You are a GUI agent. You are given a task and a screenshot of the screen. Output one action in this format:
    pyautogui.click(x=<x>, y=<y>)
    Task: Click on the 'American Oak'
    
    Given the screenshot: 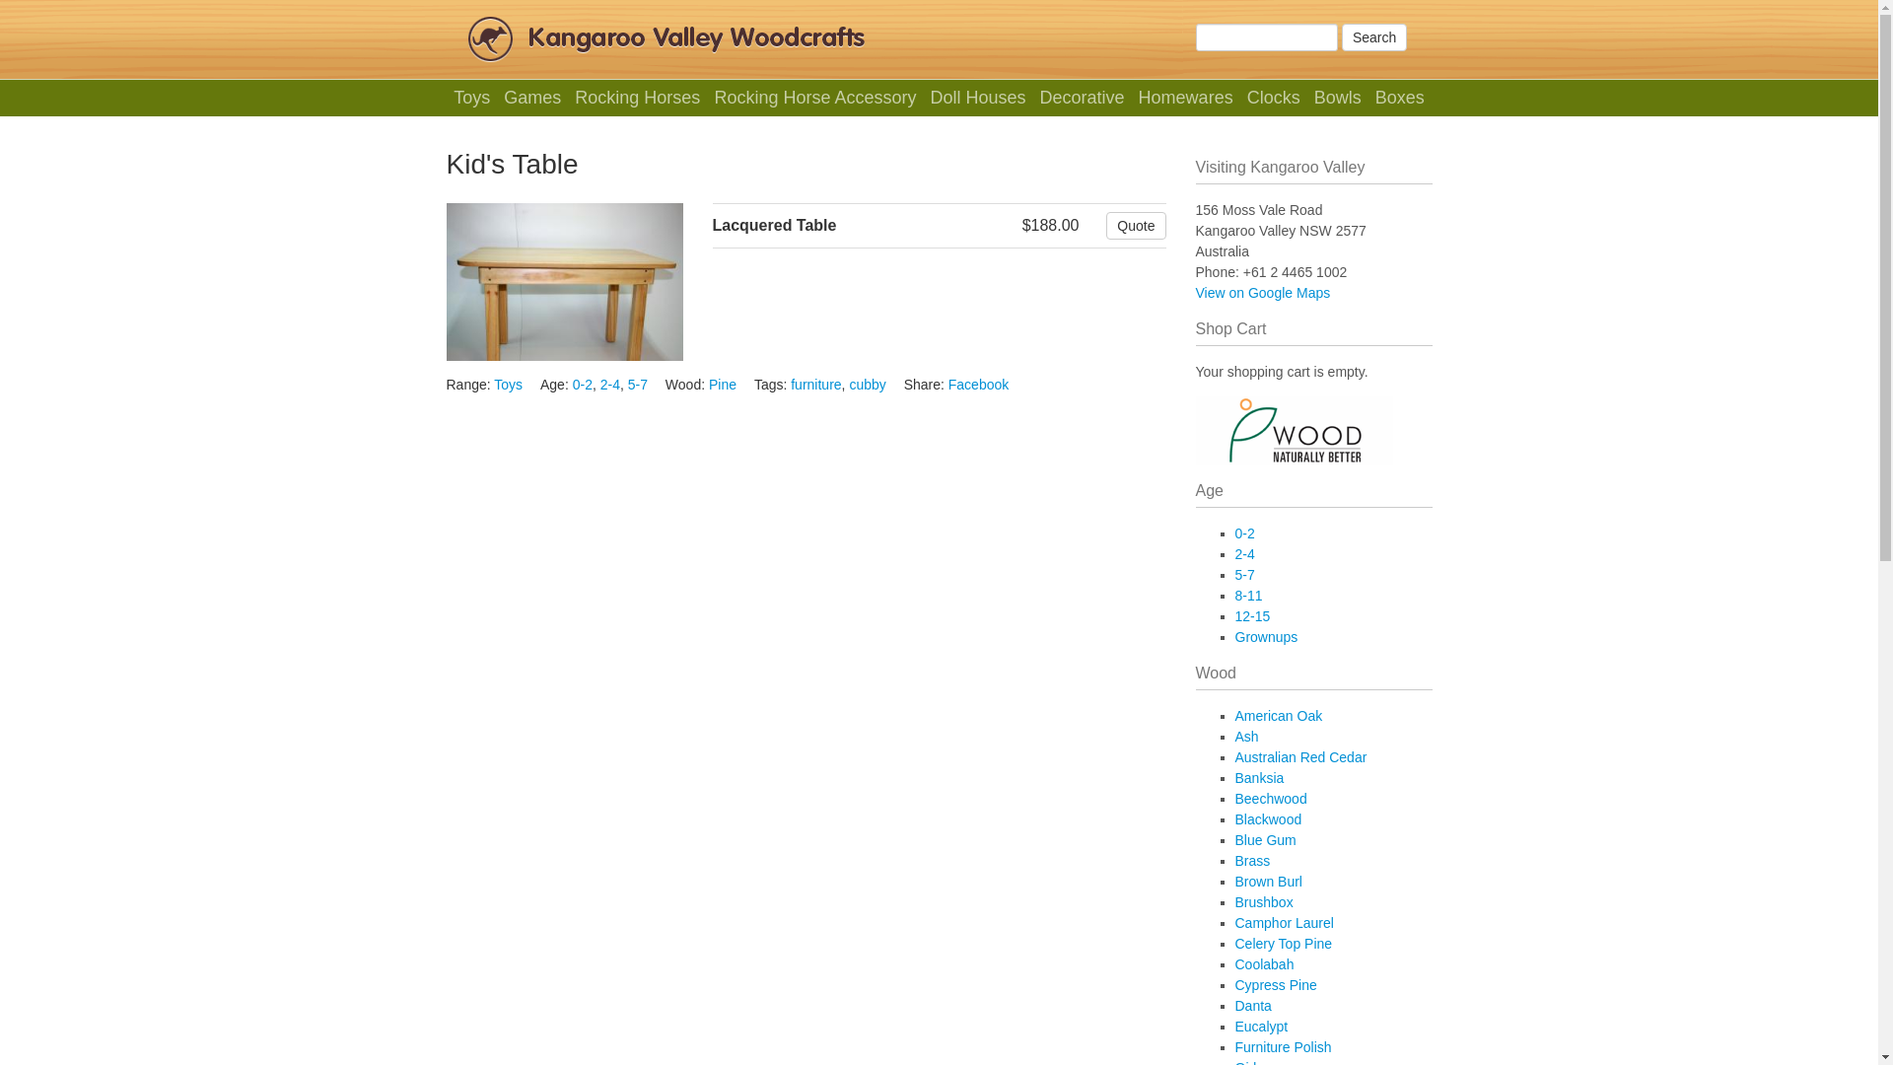 What is the action you would take?
    pyautogui.click(x=1278, y=715)
    